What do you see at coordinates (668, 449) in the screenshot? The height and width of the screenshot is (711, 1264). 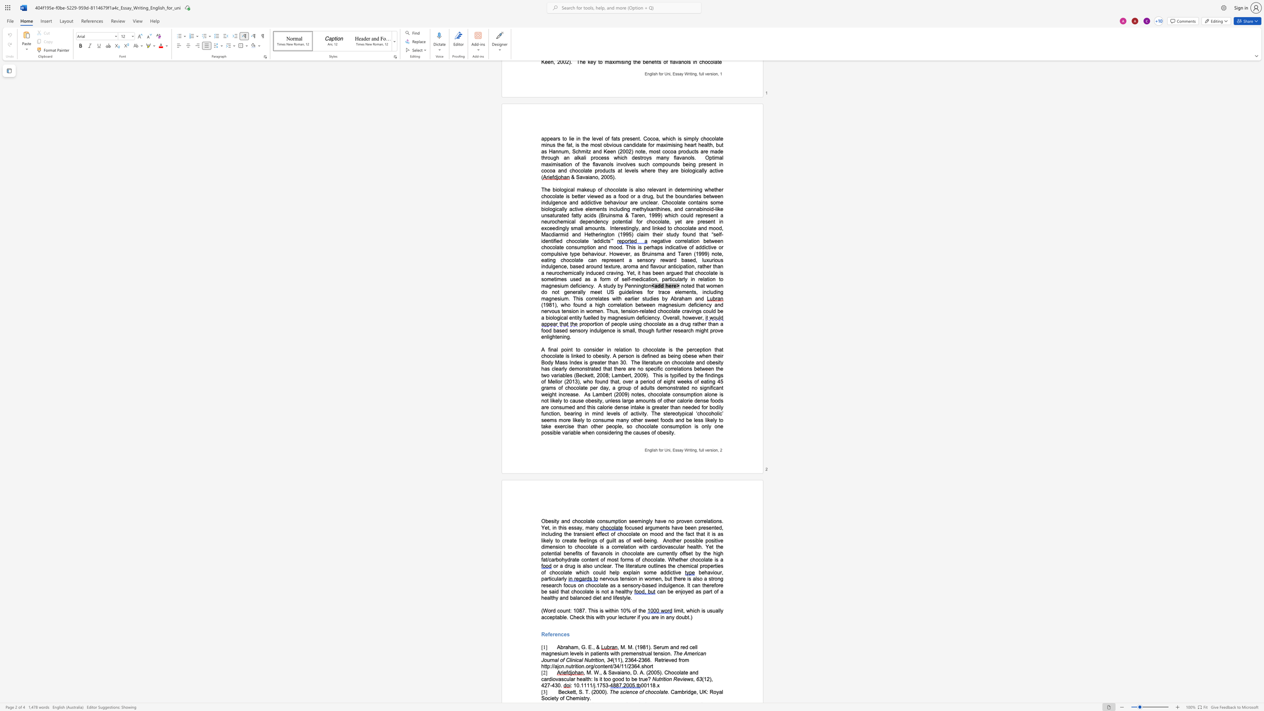 I see `the space between the continuous character "n" and "i" in the text` at bounding box center [668, 449].